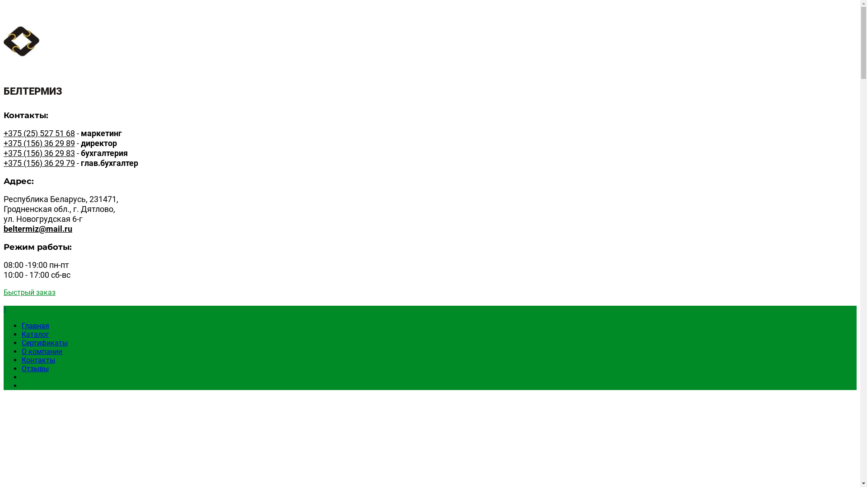  What do you see at coordinates (38, 133) in the screenshot?
I see `'+375 (25) 527 51 68'` at bounding box center [38, 133].